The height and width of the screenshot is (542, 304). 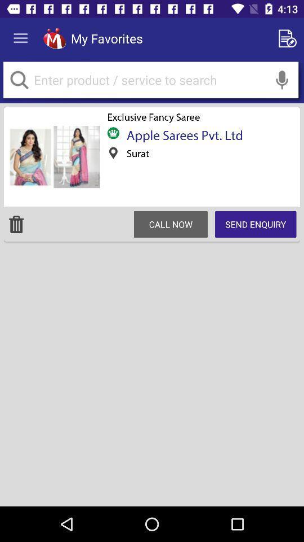 I want to click on your search query here, so click(x=150, y=79).